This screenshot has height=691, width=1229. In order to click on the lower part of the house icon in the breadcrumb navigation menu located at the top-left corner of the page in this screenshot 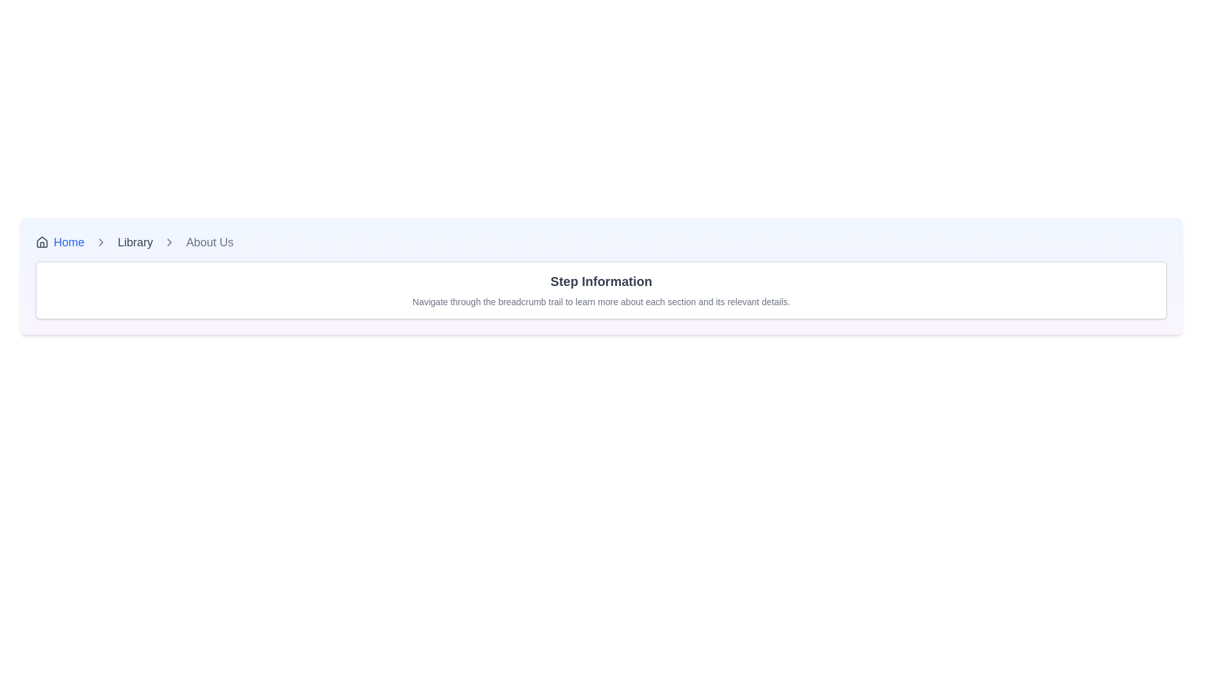, I will do `click(42, 242)`.